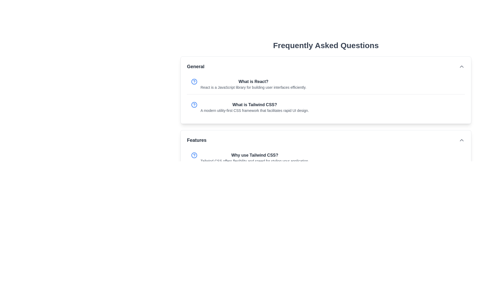  What do you see at coordinates (326, 140) in the screenshot?
I see `the Collapsible section header titled 'Features'` at bounding box center [326, 140].